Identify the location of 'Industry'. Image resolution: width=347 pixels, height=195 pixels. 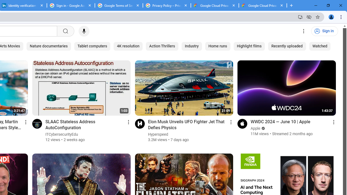
(192, 46).